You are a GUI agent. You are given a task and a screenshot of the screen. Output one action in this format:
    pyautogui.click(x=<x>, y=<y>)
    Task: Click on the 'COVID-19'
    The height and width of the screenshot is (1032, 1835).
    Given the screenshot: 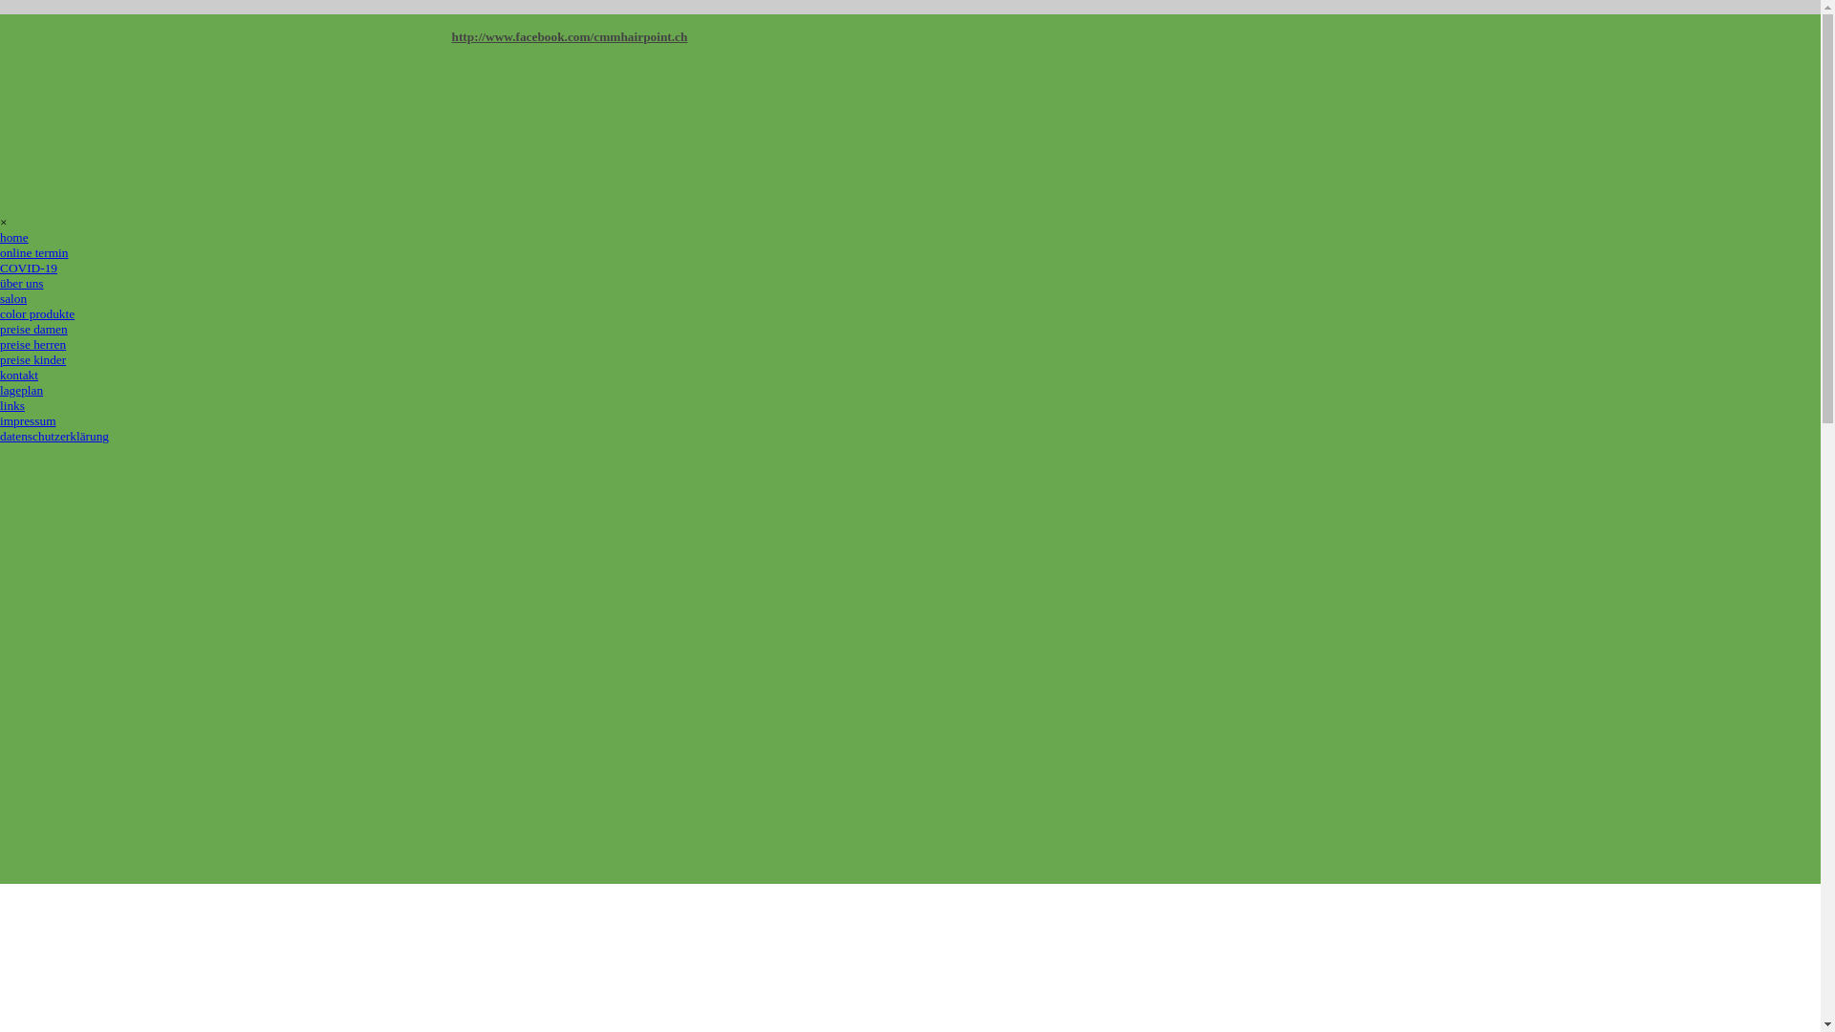 What is the action you would take?
    pyautogui.click(x=28, y=268)
    